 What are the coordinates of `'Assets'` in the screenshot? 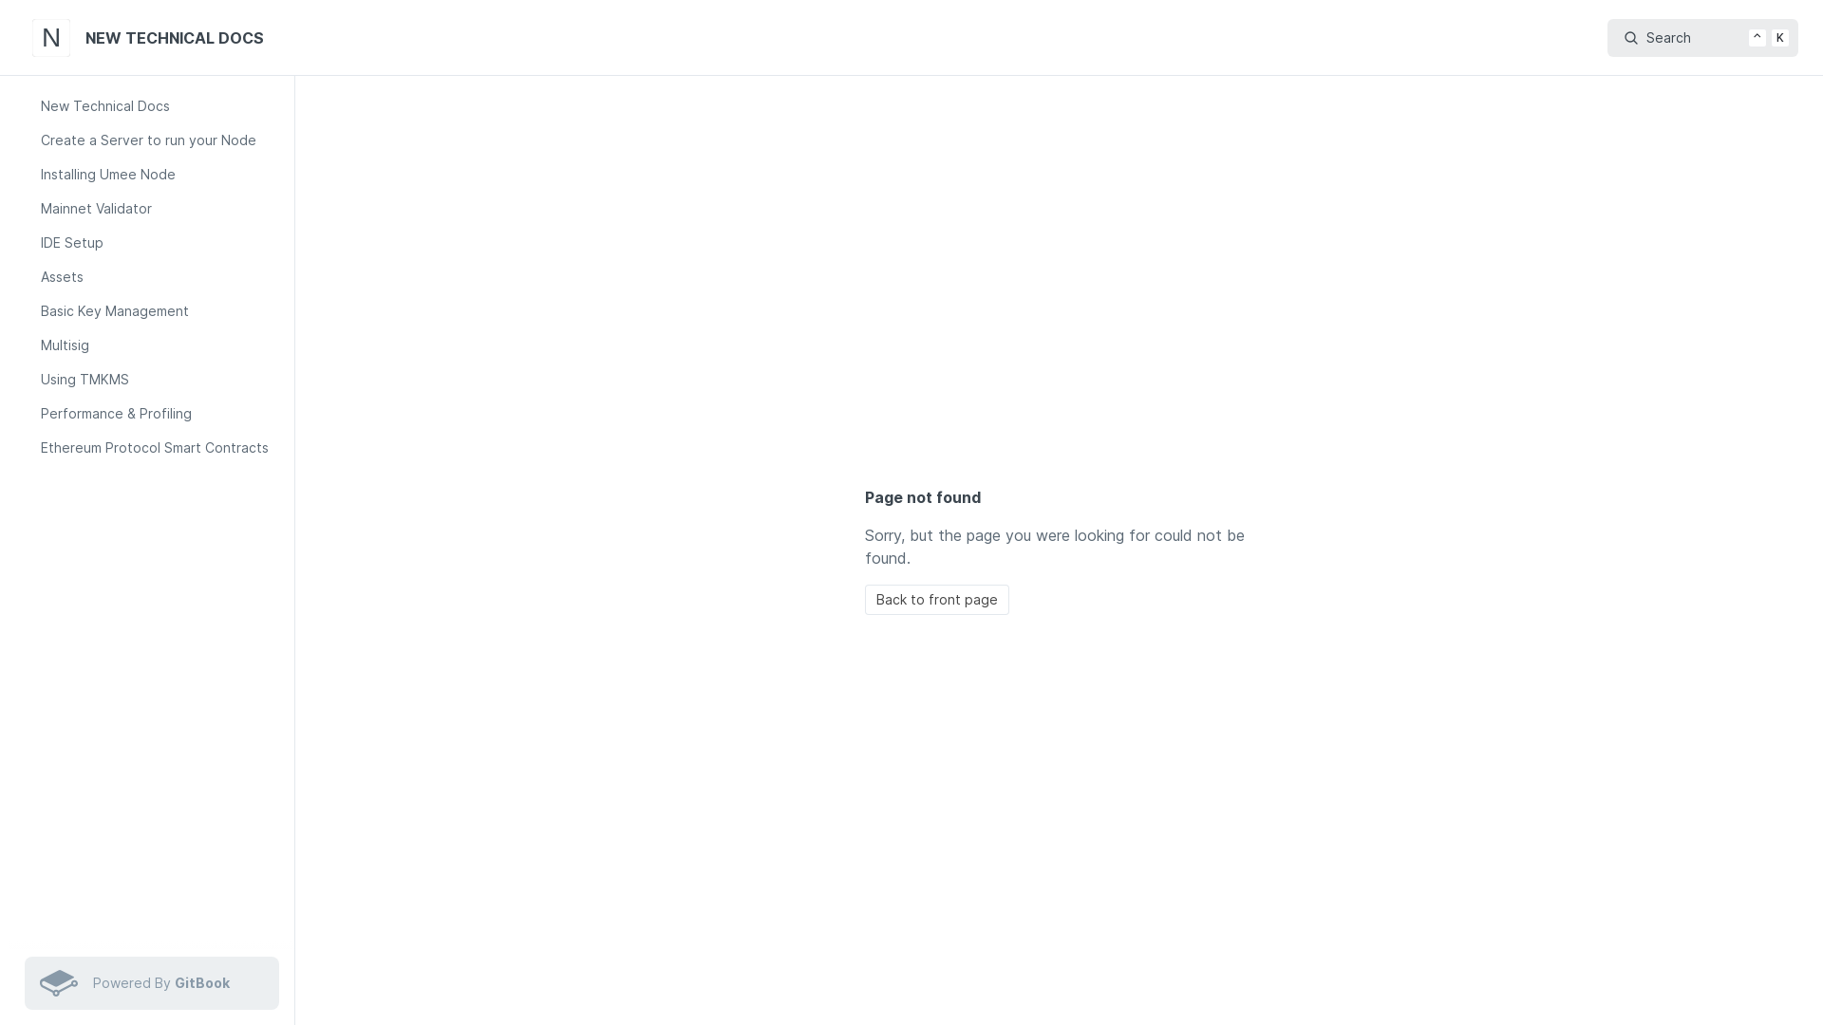 It's located at (160, 277).